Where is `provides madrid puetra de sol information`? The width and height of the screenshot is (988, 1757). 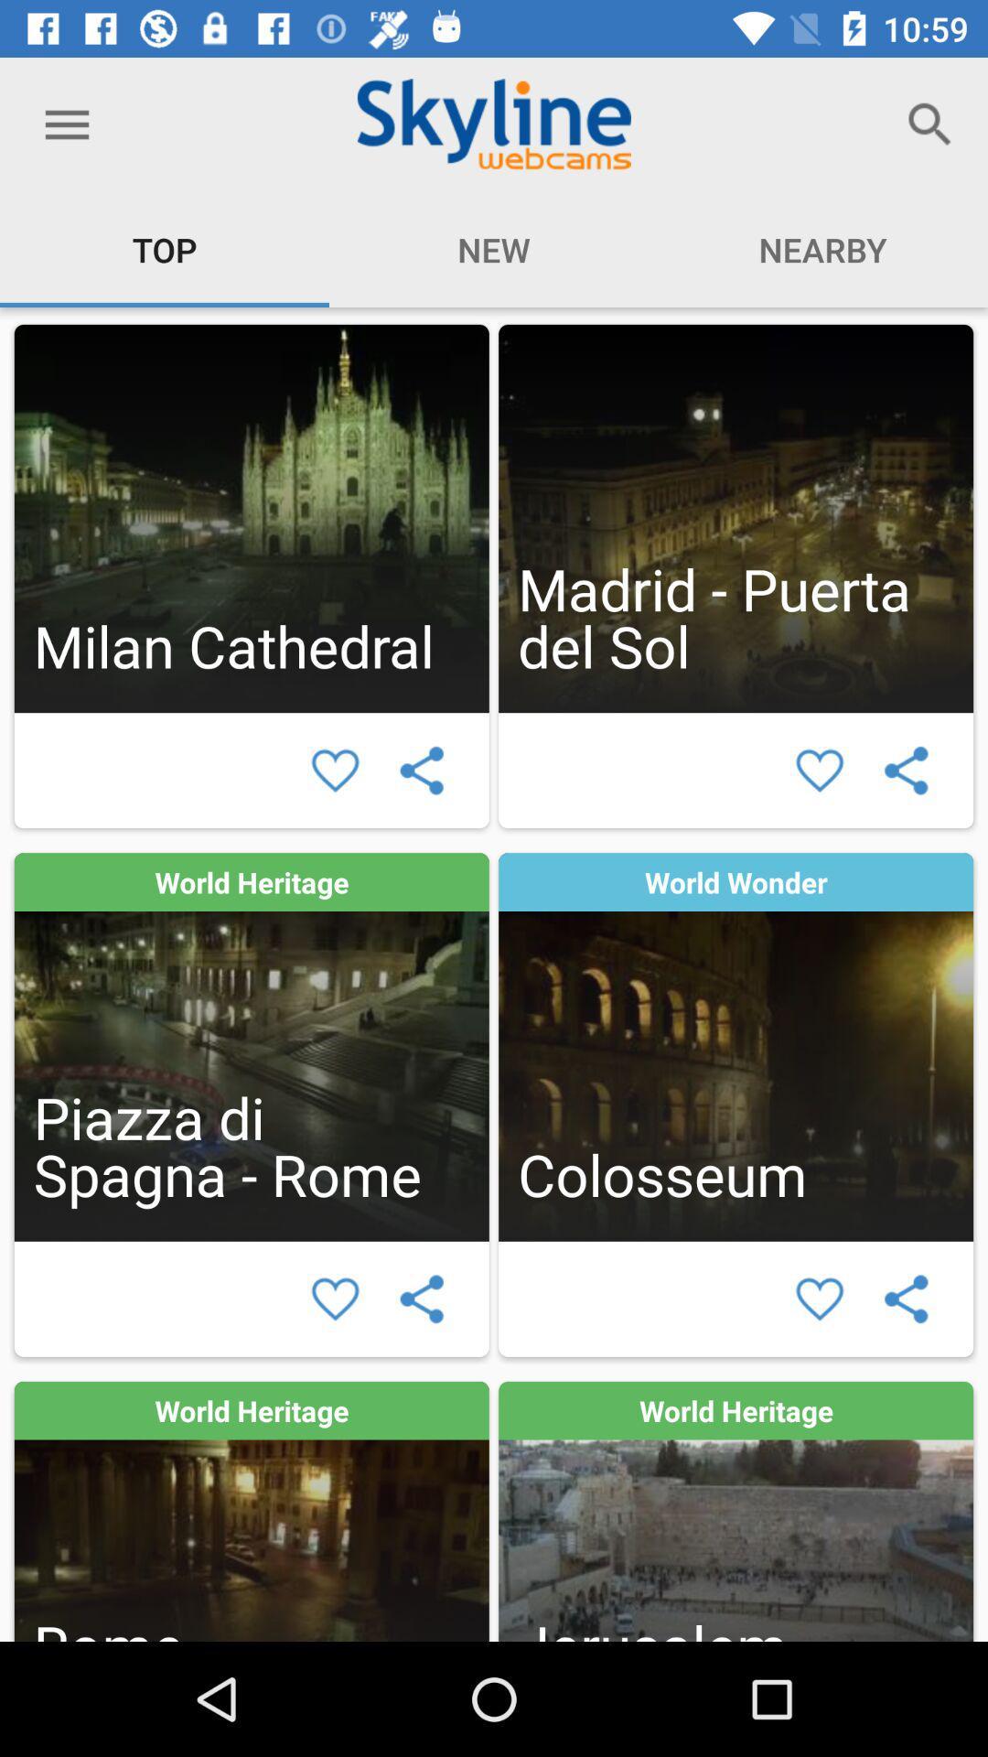
provides madrid puetra de sol information is located at coordinates (735, 517).